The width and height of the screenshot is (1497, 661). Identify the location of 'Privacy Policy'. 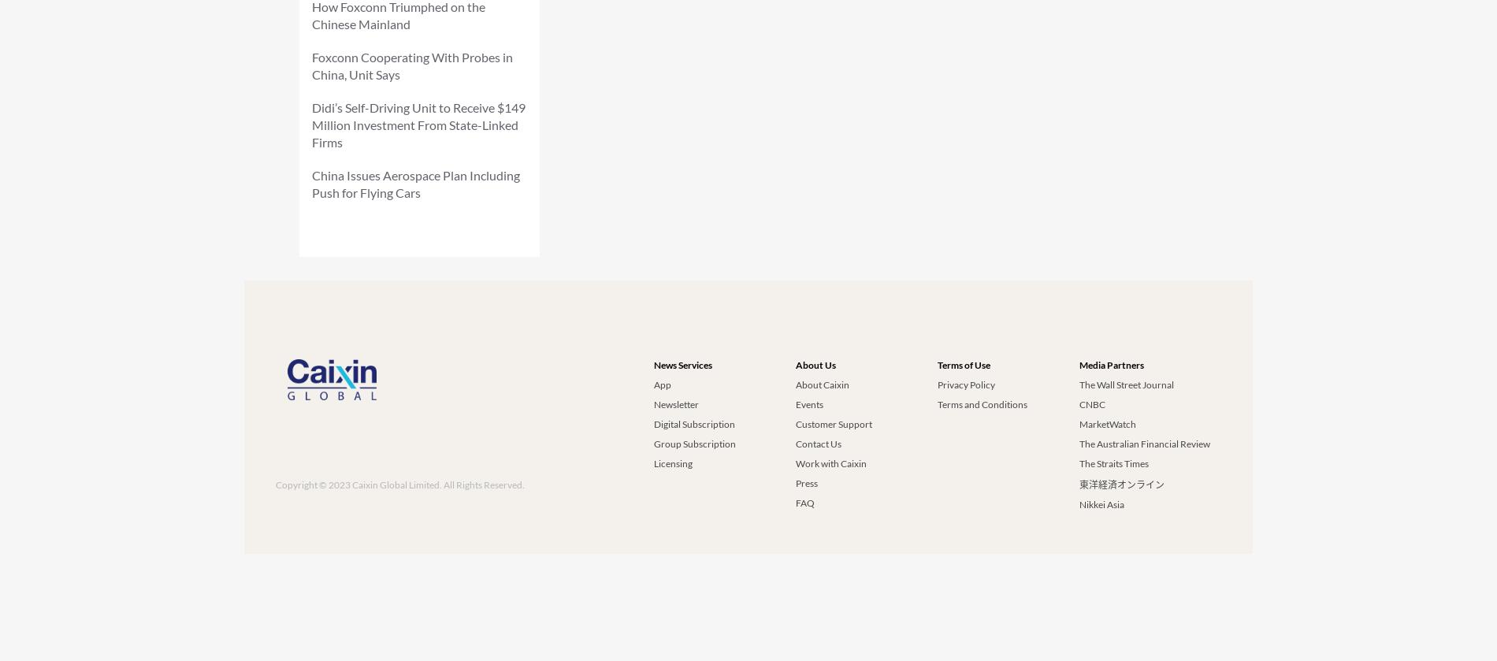
(936, 384).